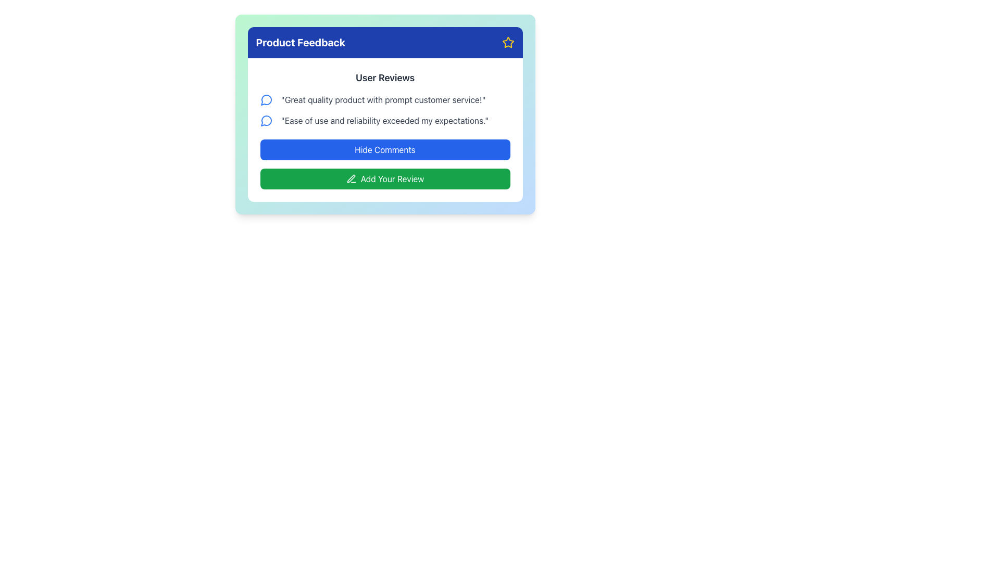 Image resolution: width=1000 pixels, height=562 pixels. What do you see at coordinates (384, 120) in the screenshot?
I see `the second user review text display component that says 'Ease of use and reliability exceeded my expectations.'` at bounding box center [384, 120].